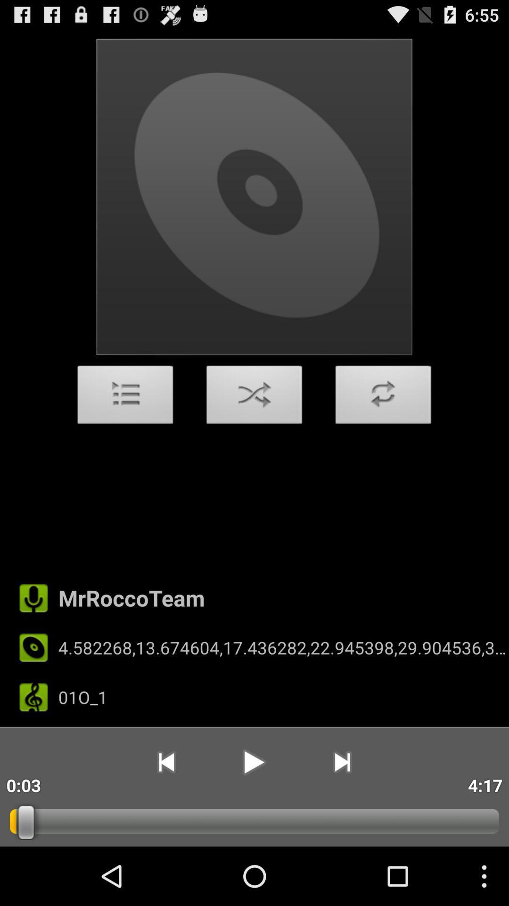 This screenshot has width=509, height=906. I want to click on the item on the right, so click(383, 397).